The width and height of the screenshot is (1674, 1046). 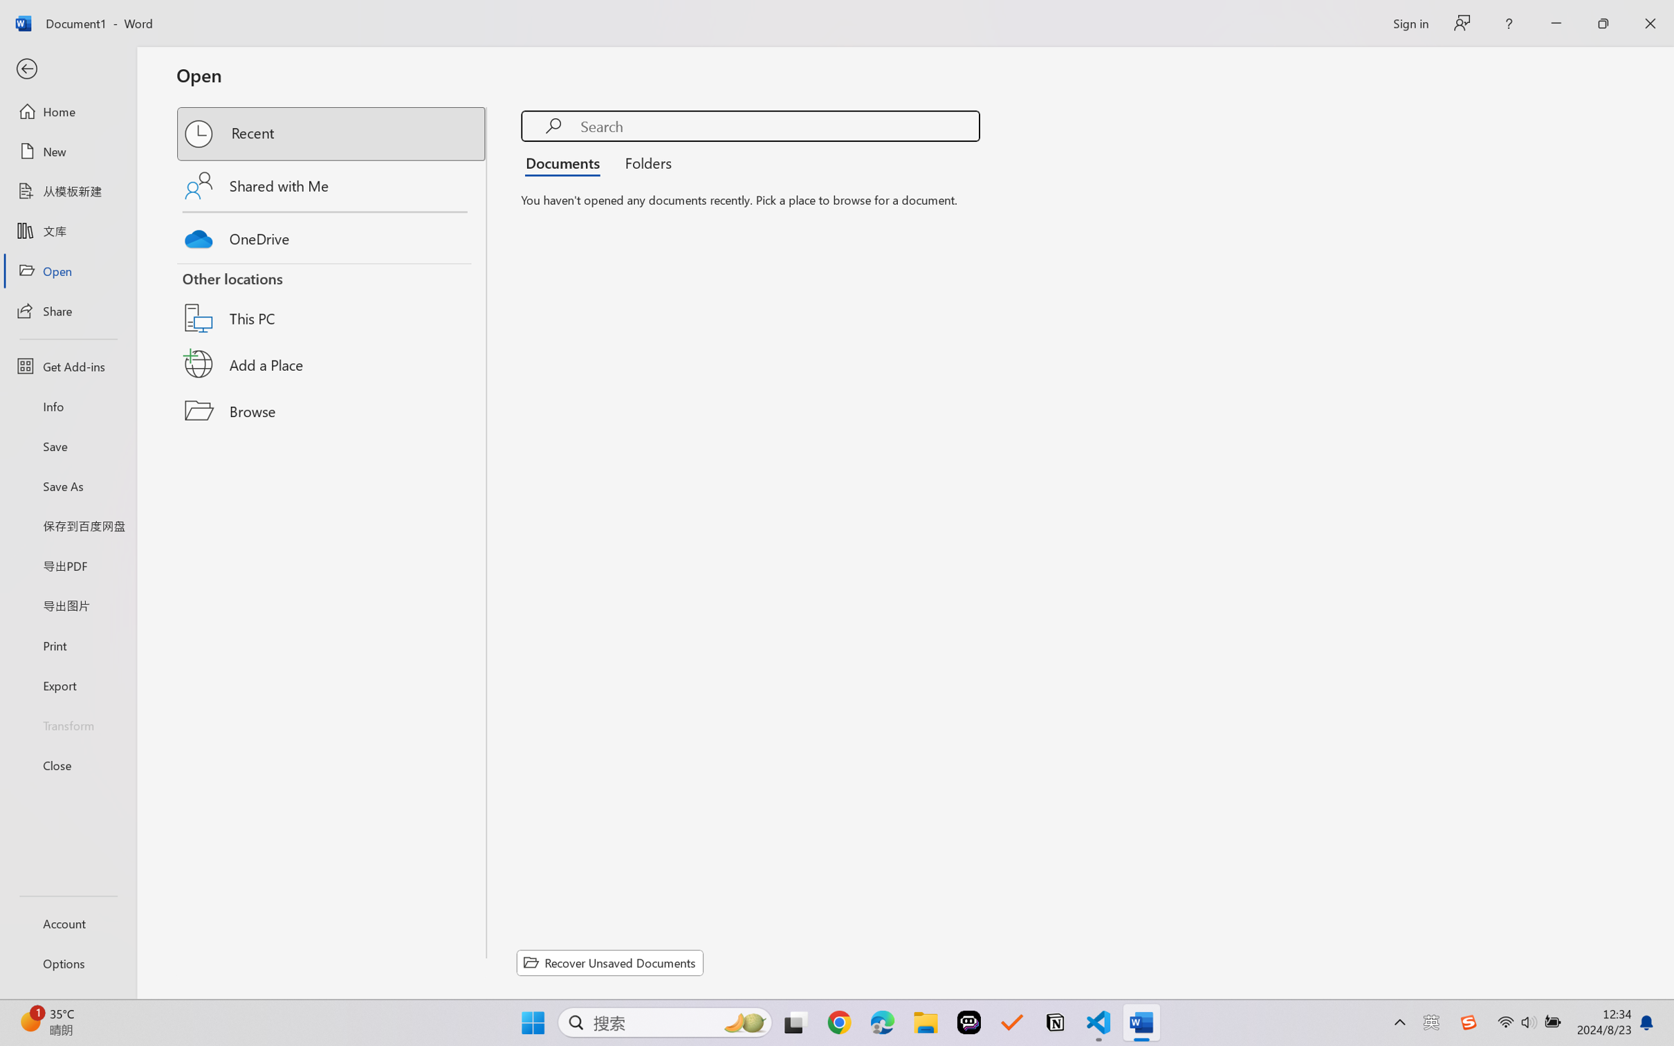 I want to click on 'Add a Place', so click(x=332, y=363).